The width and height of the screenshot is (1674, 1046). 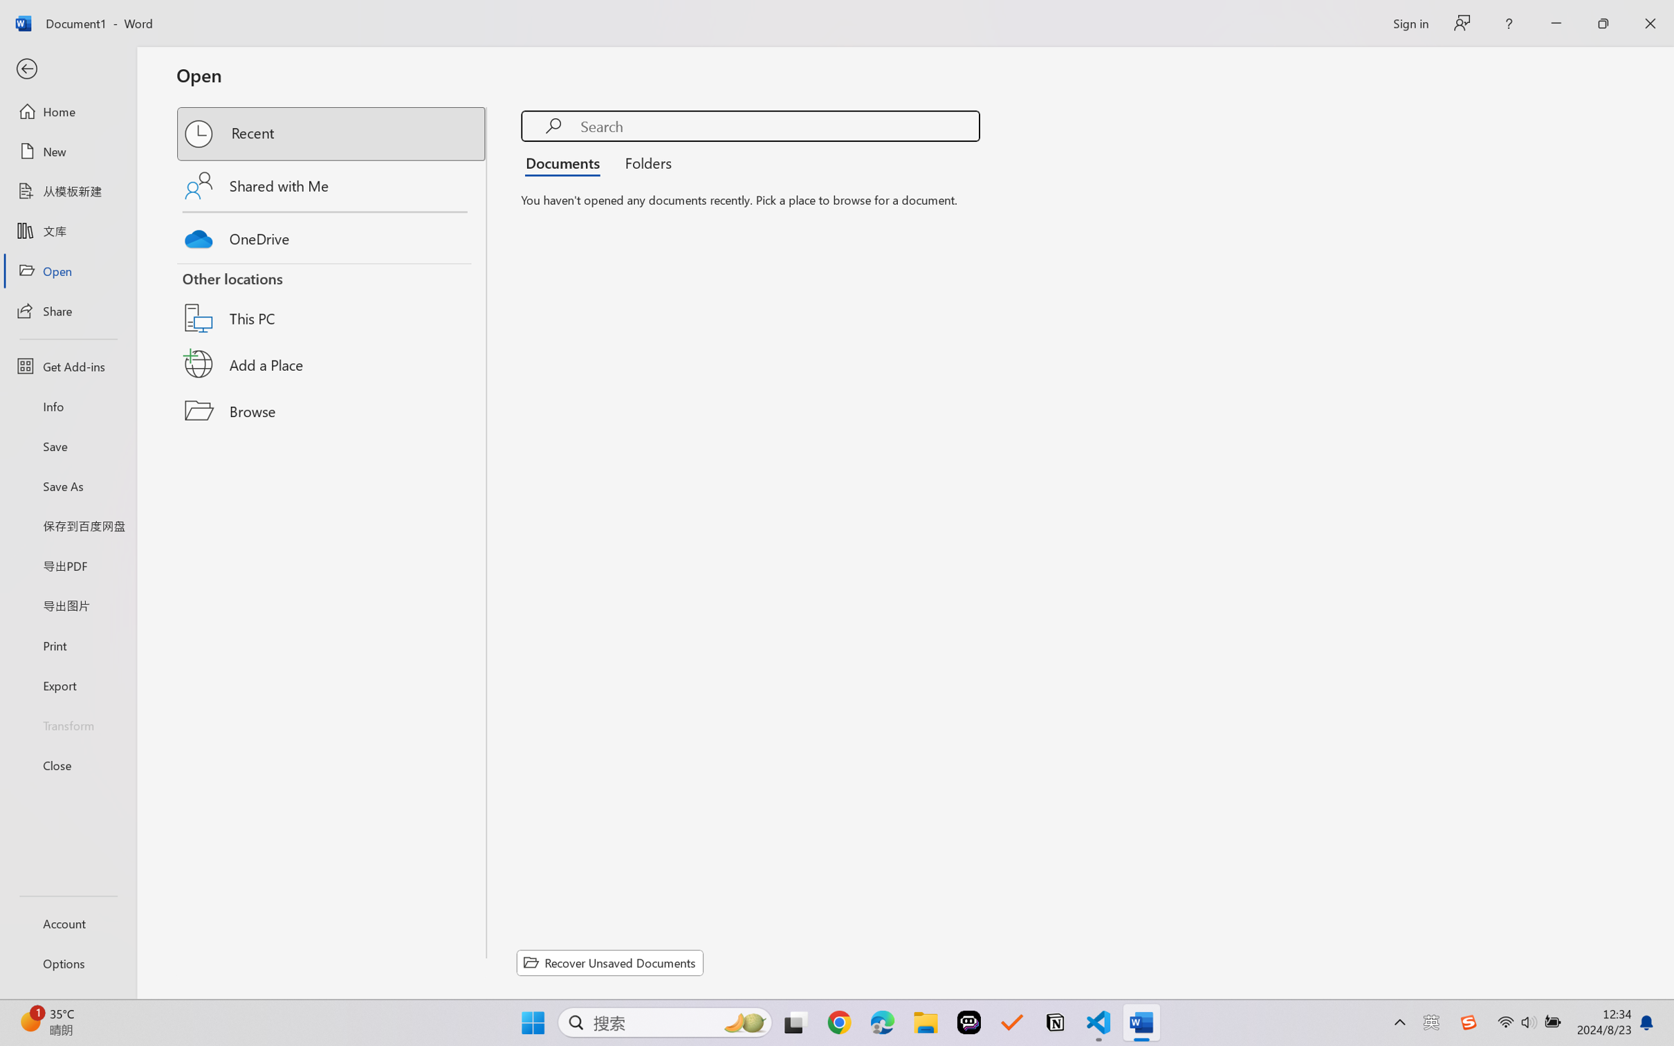 I want to click on 'Add a Place', so click(x=332, y=363).